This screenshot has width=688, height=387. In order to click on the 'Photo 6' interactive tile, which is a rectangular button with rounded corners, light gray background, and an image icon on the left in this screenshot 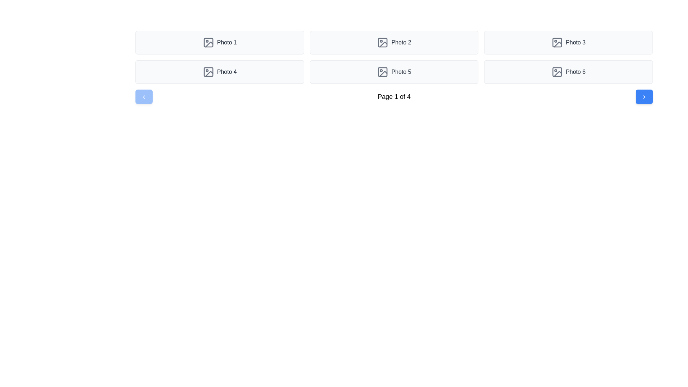, I will do `click(568, 72)`.